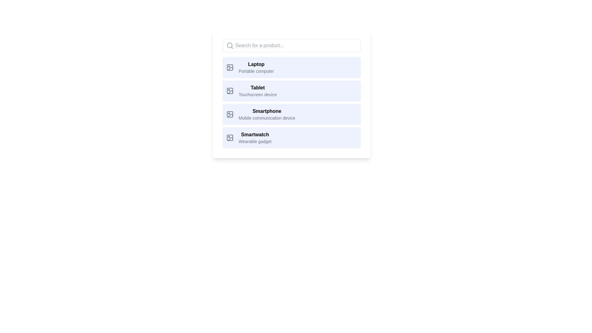  Describe the element at coordinates (229, 91) in the screenshot. I see `the graphical icon located to the left of the 'Tablet' text in the 'Tablet Touchscreen device' row, which is the second item in a vertically stacked list` at that location.